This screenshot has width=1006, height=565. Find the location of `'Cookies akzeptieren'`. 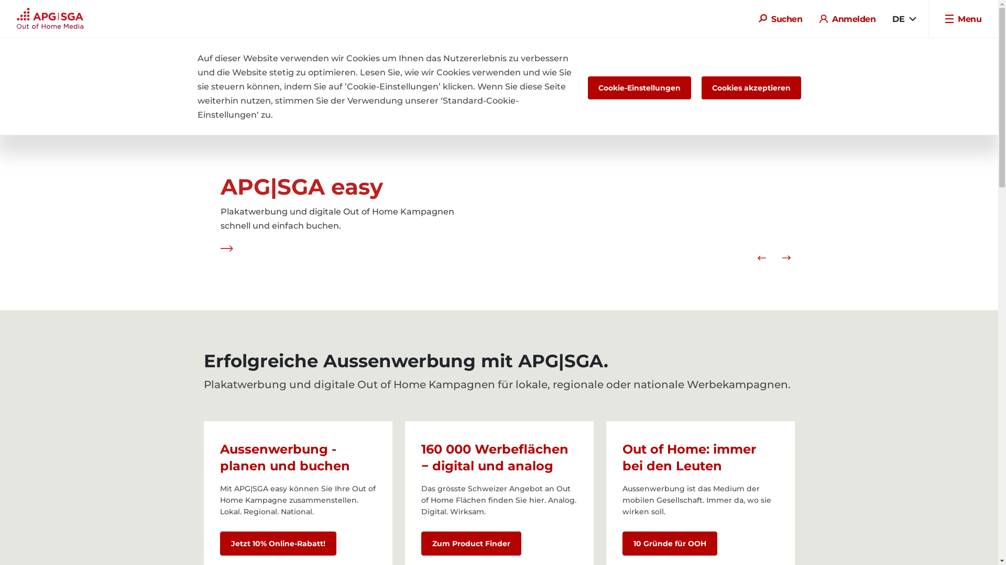

'Cookies akzeptieren' is located at coordinates (750, 87).